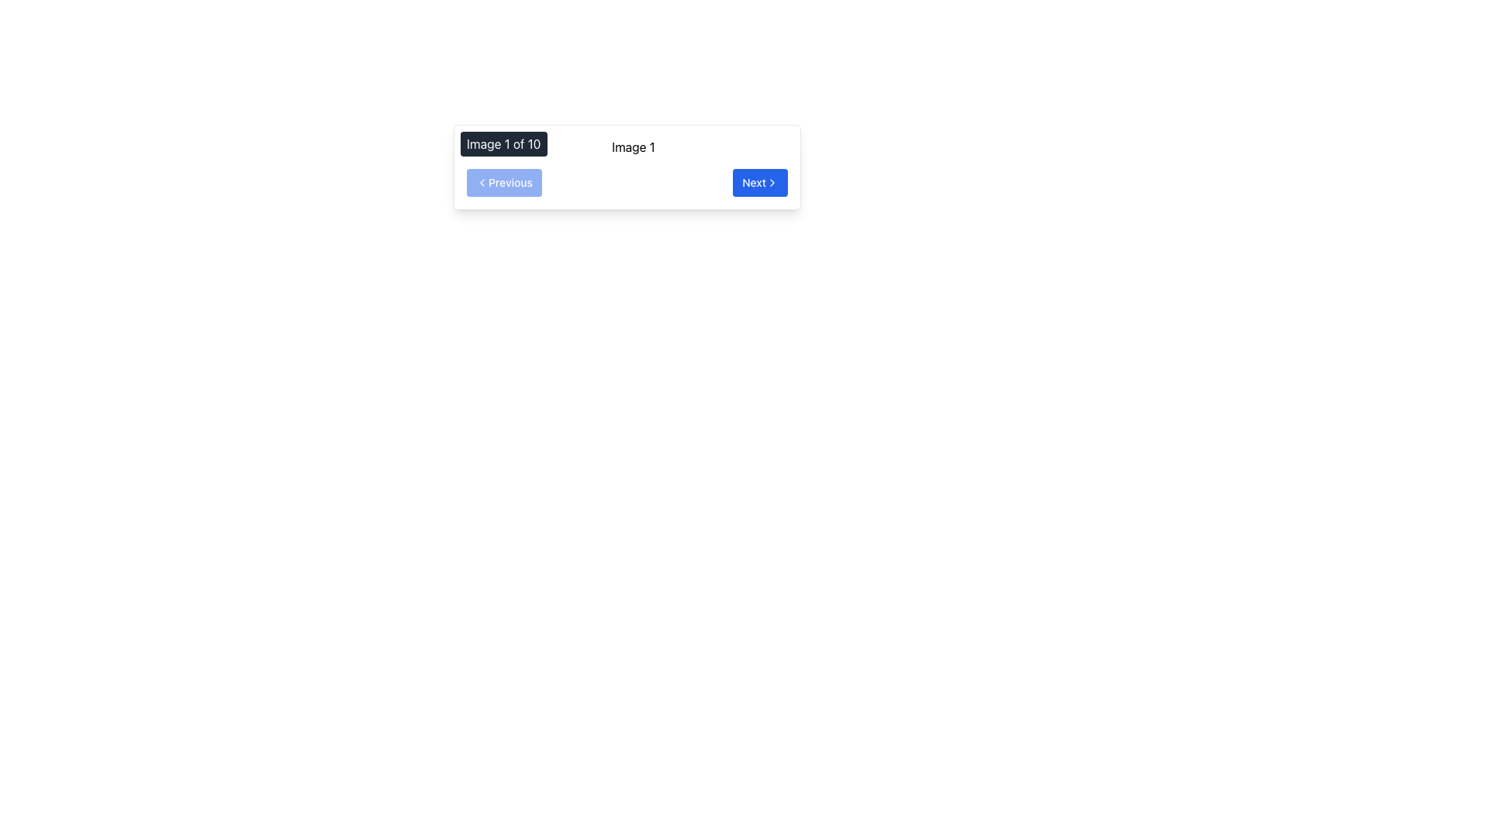  Describe the element at coordinates (760, 181) in the screenshot. I see `the second button in the navigation bar at the bottom right` at that location.